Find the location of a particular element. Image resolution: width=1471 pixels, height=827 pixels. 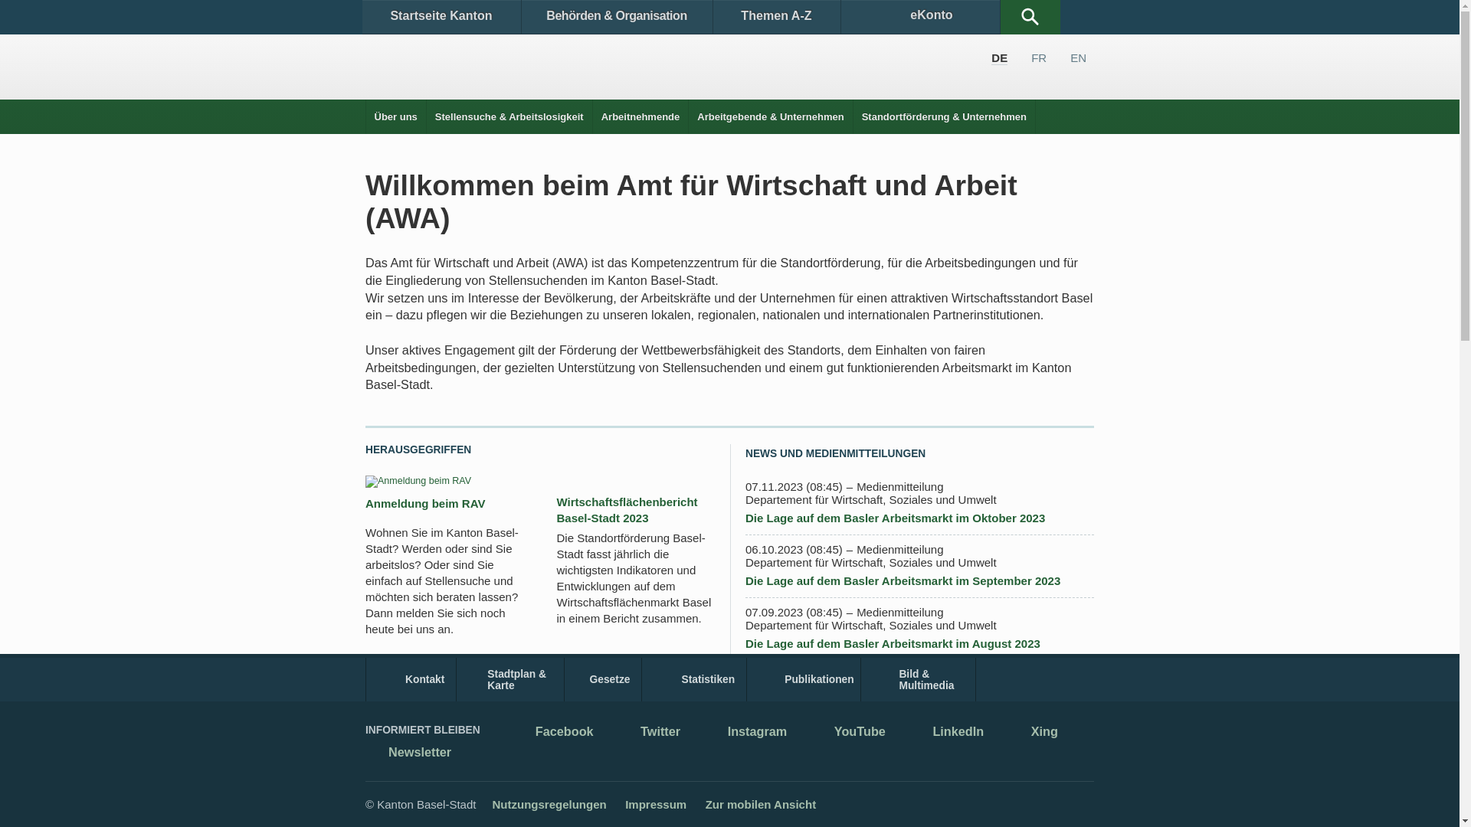

'Zur mobilen Ansicht' is located at coordinates (761, 803).